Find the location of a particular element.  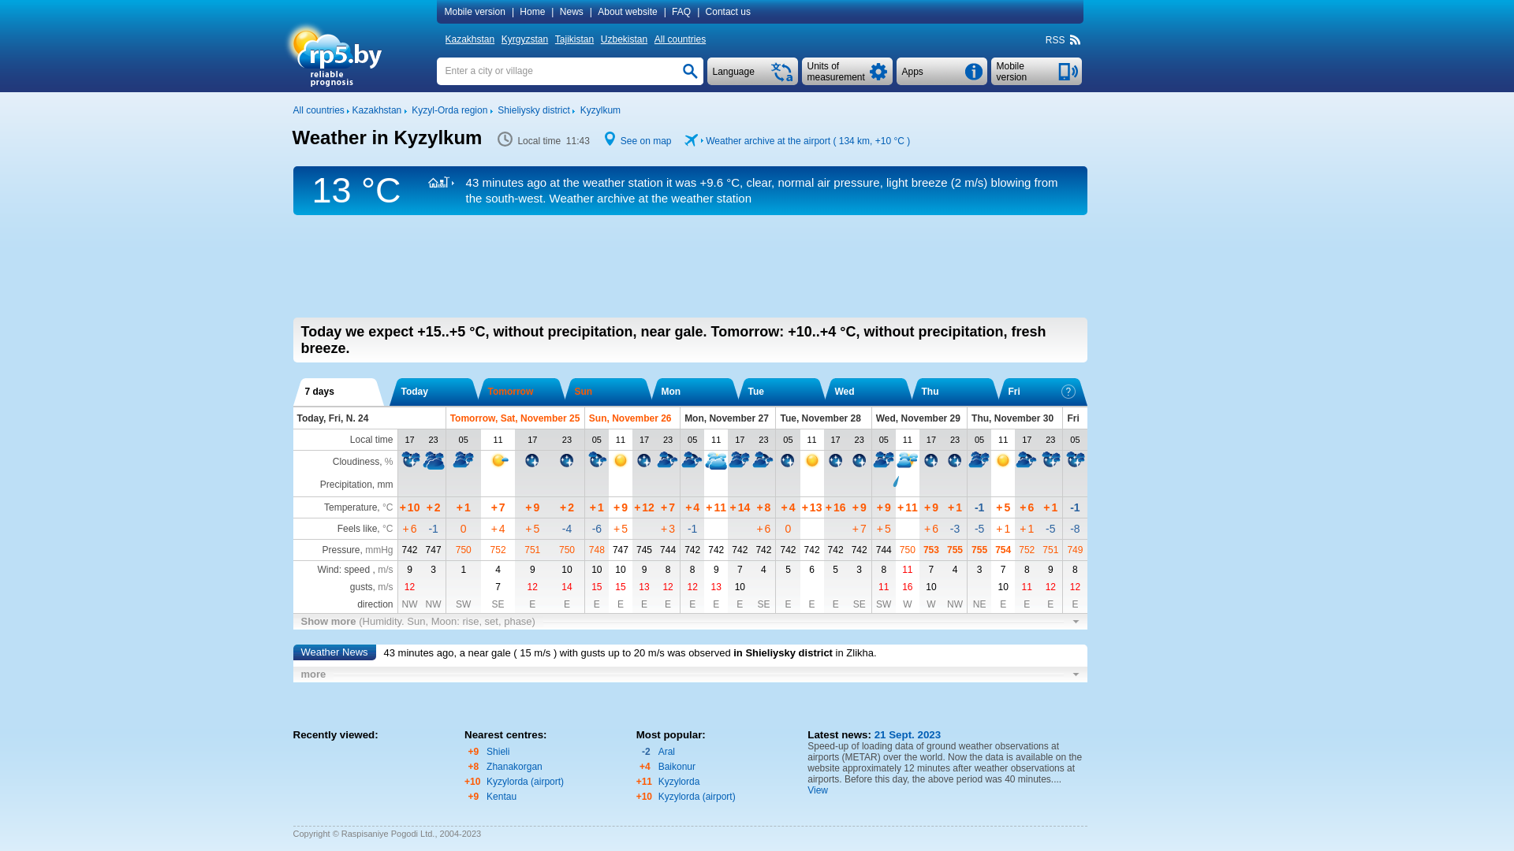

'Kyzylkum' is located at coordinates (599, 109).